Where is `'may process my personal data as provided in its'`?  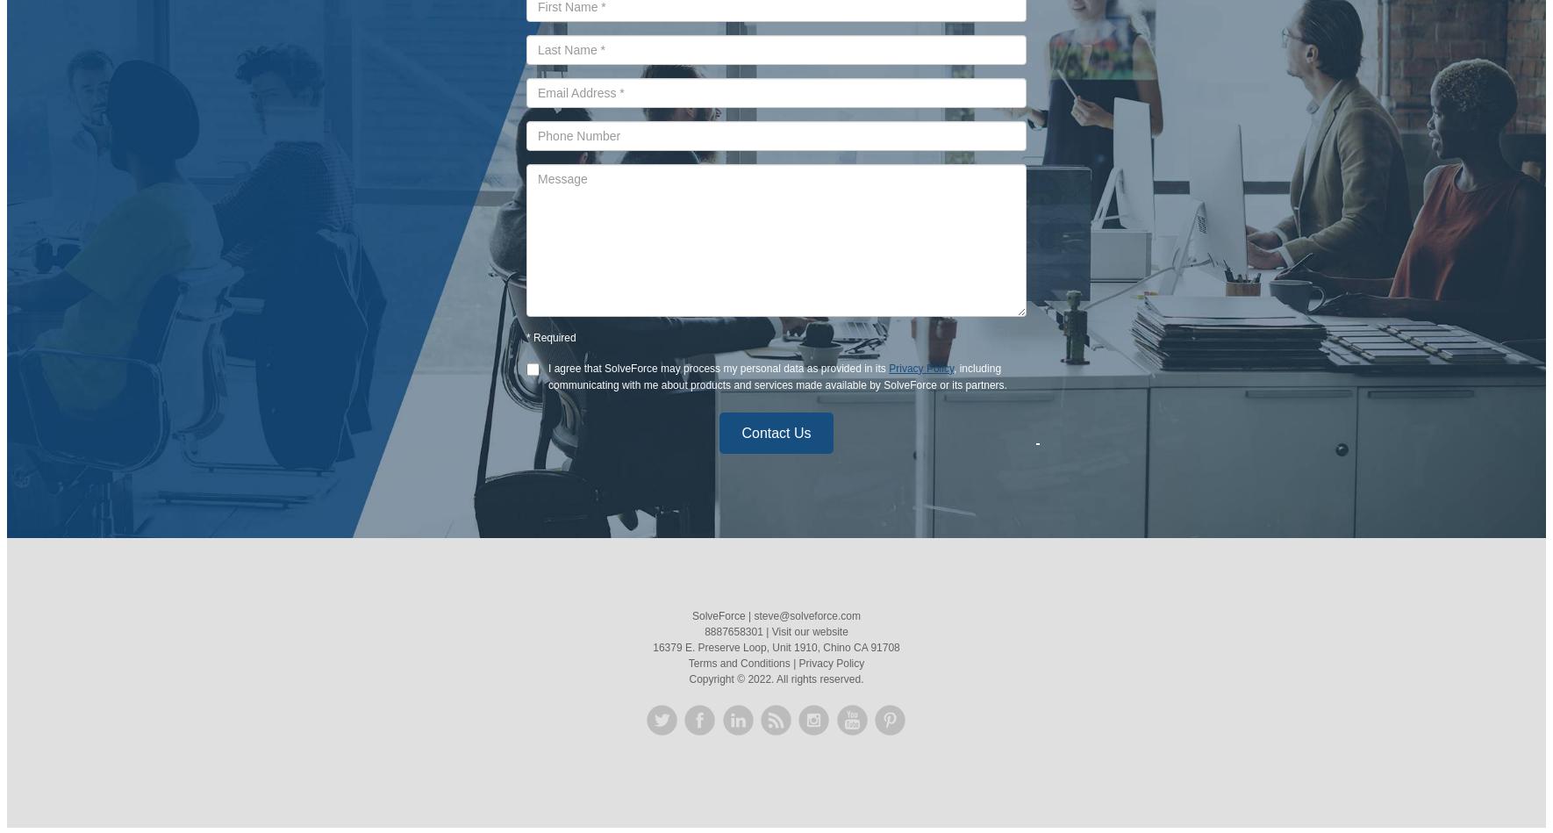
'may process my personal data as provided in its' is located at coordinates (772, 367).